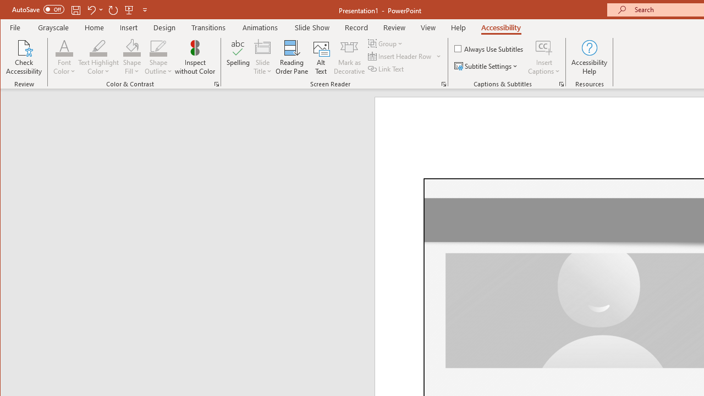  Describe the element at coordinates (158, 47) in the screenshot. I see `'Shape Outline Blue, Accent 1'` at that location.